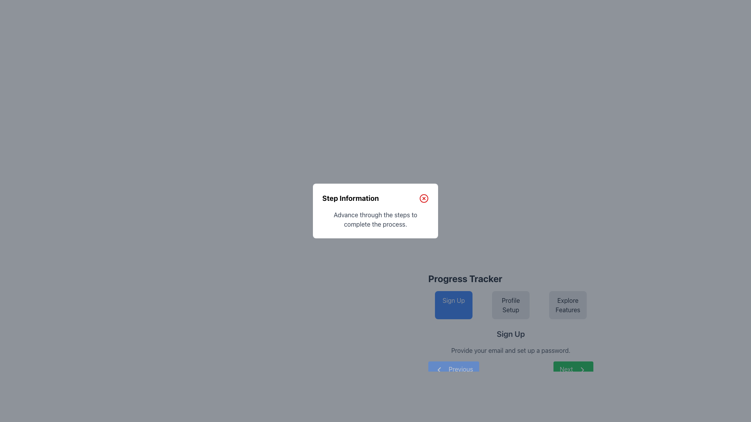 This screenshot has height=422, width=751. I want to click on bold, black text label that says 'Step Information' located at the center of the dialog box, which is emphasized by its large font size, so click(350, 198).